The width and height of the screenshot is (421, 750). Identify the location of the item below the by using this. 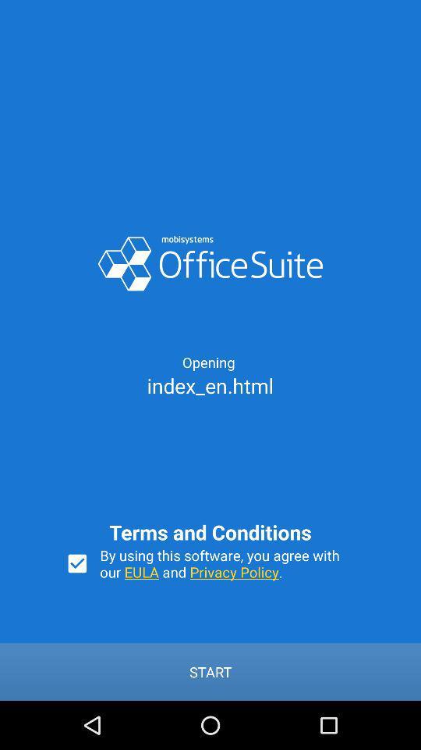
(210, 671).